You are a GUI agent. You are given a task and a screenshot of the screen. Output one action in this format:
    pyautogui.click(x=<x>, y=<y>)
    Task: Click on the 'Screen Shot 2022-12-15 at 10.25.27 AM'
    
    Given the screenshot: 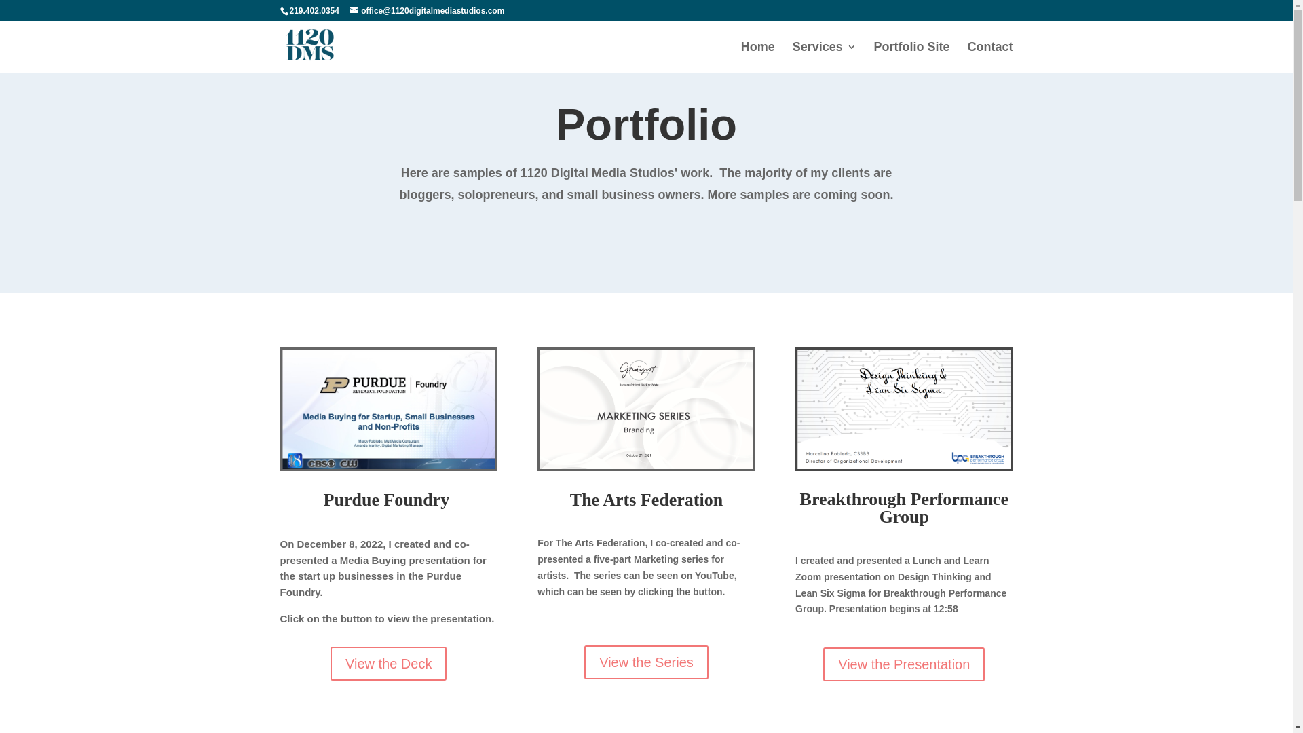 What is the action you would take?
    pyautogui.click(x=903, y=408)
    